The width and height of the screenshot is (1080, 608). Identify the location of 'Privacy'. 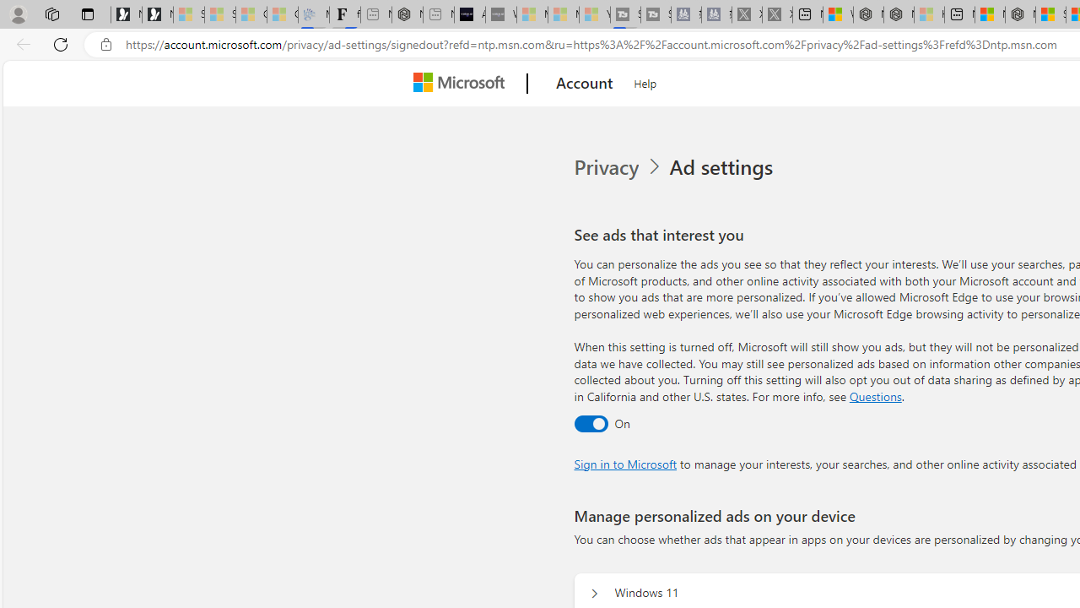
(607, 167).